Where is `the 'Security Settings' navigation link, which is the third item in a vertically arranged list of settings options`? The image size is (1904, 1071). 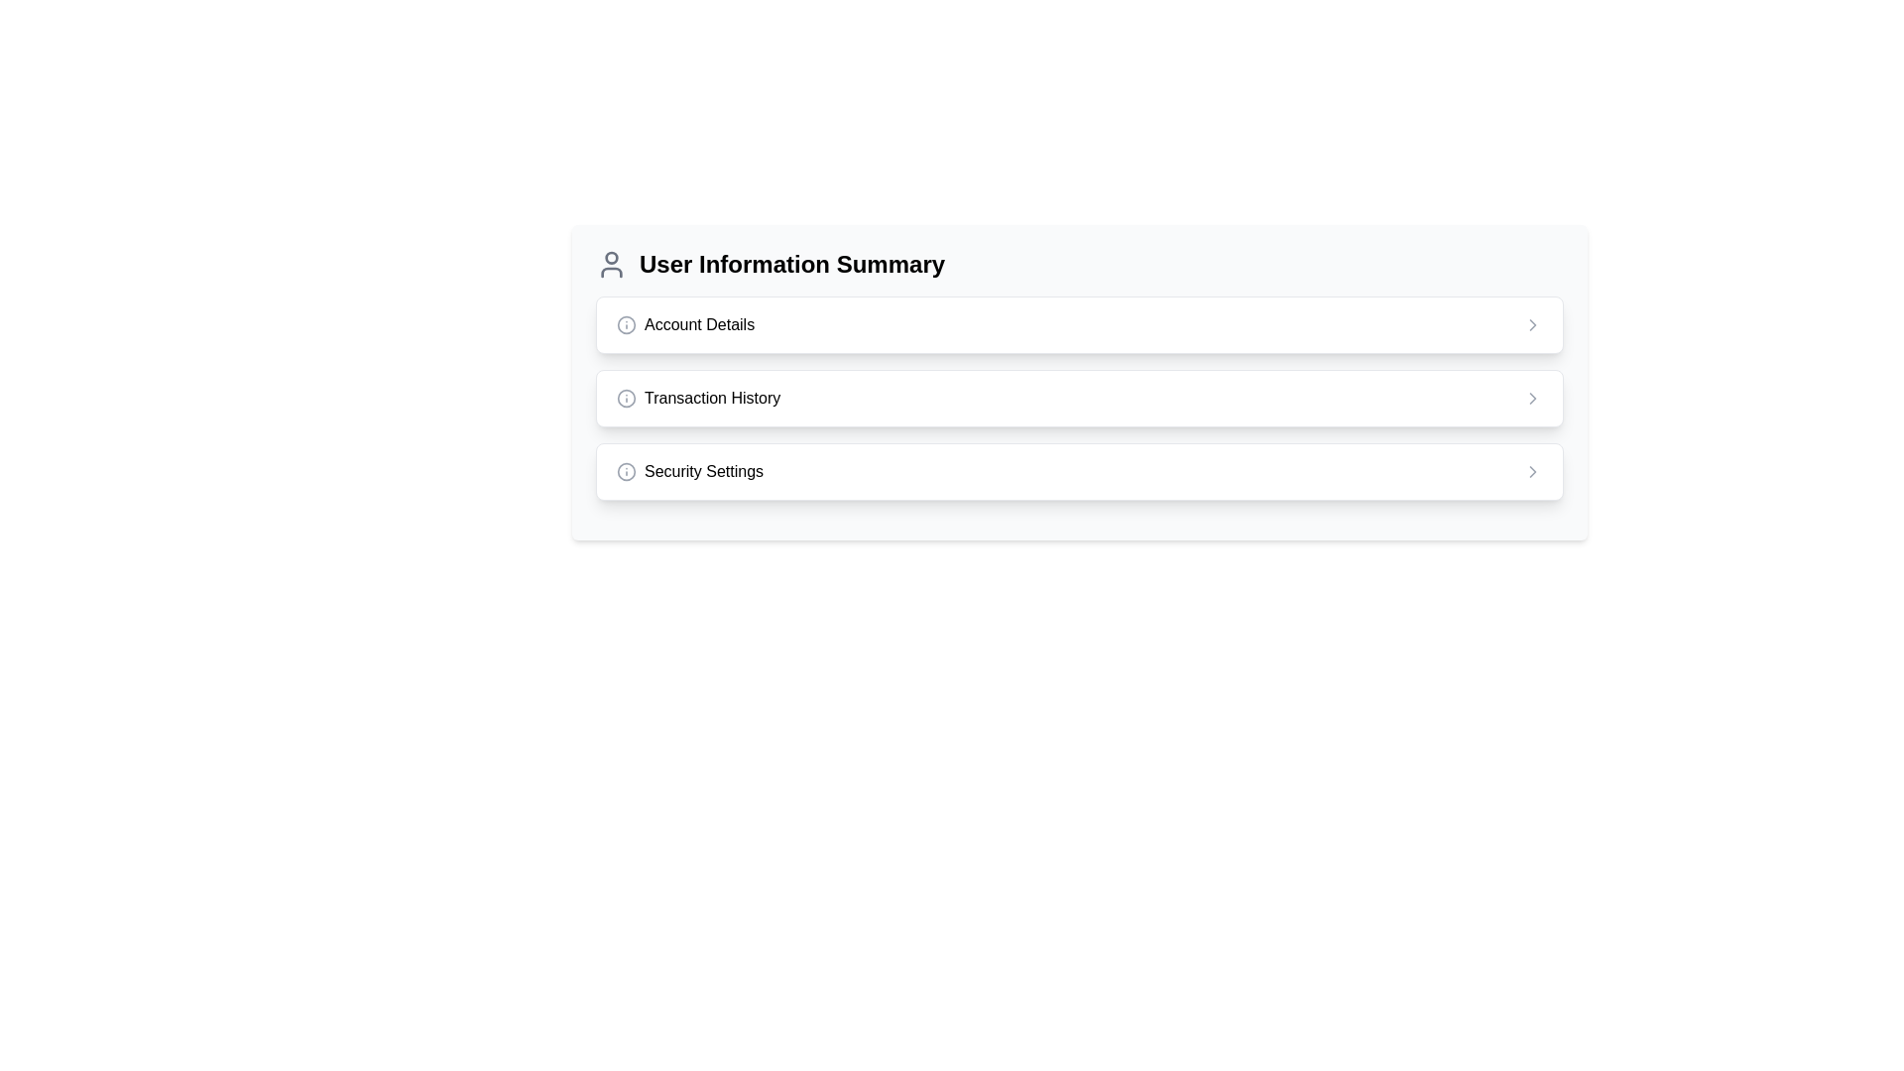
the 'Security Settings' navigation link, which is the third item in a vertically arranged list of settings options is located at coordinates (1079, 471).